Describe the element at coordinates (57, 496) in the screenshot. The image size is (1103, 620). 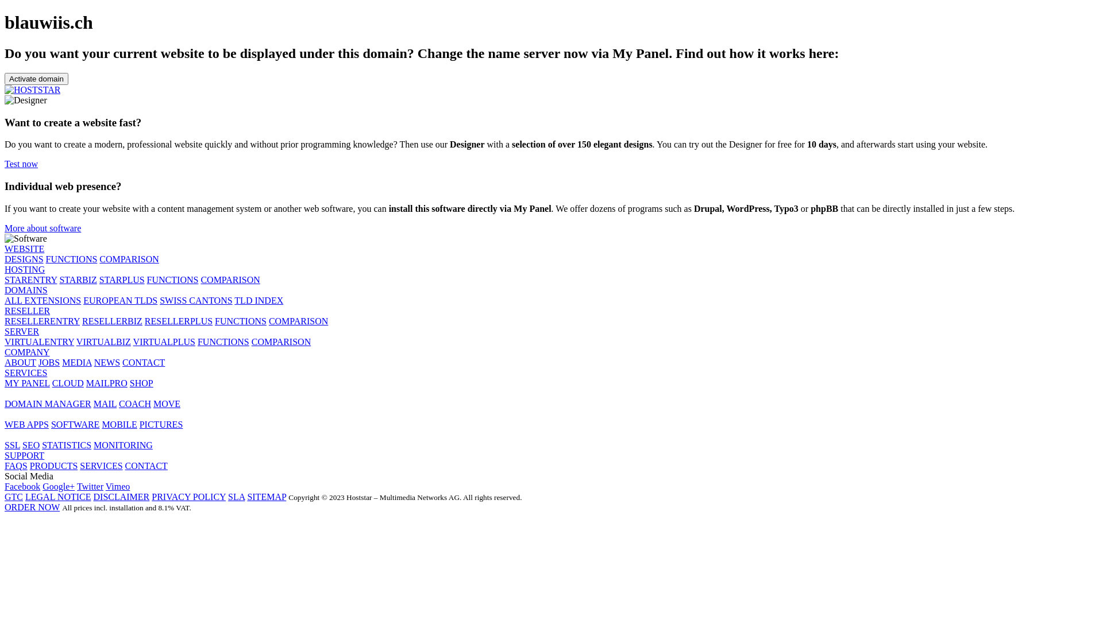
I see `'LEGAL NOTICE'` at that location.